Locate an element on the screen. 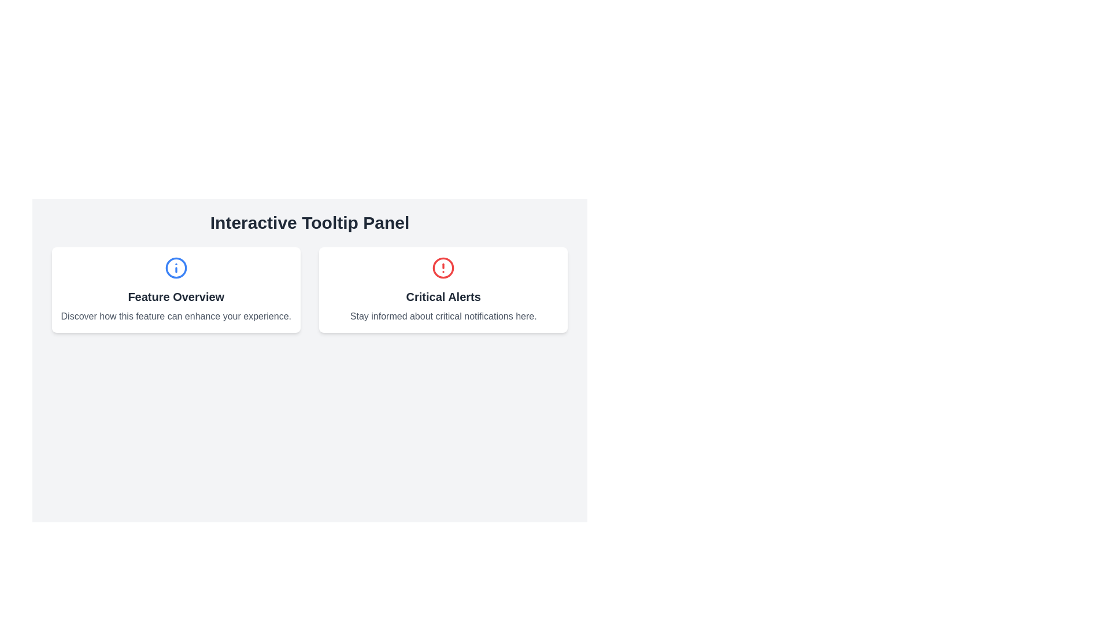 Image resolution: width=1110 pixels, height=624 pixels. text label that serves as the title or label for the associated panel, located centrally within the right card beneath an alert icon is located at coordinates (443, 296).